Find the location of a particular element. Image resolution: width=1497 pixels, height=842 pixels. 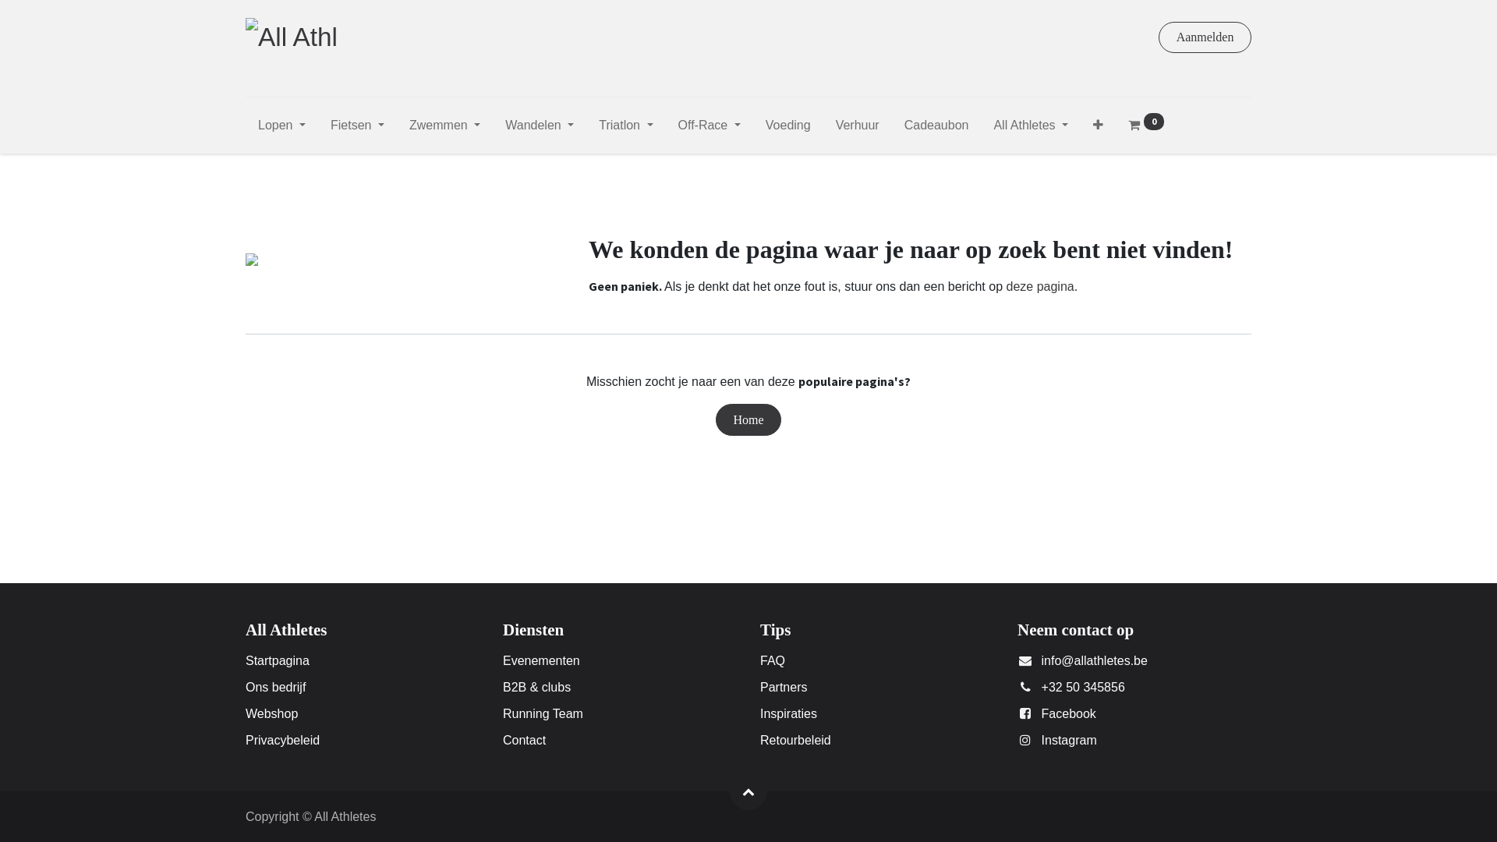

'Startpagina' is located at coordinates (277, 660).